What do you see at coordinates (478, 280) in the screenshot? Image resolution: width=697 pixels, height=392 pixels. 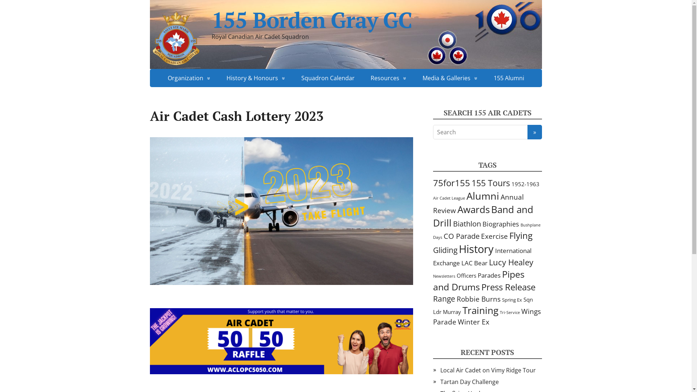 I see `'Pipes and Drums'` at bounding box center [478, 280].